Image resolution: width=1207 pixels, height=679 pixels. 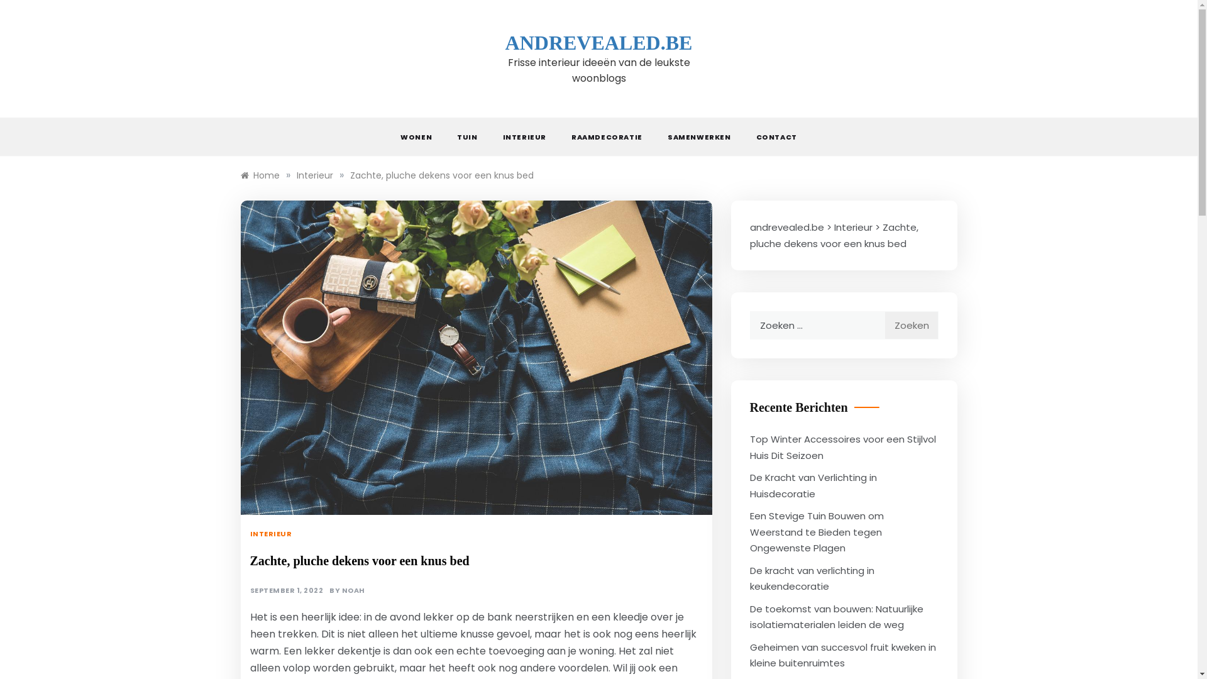 What do you see at coordinates (842, 654) in the screenshot?
I see `'Geheimen van succesvol fruit kweken in kleine buitenruimtes'` at bounding box center [842, 654].